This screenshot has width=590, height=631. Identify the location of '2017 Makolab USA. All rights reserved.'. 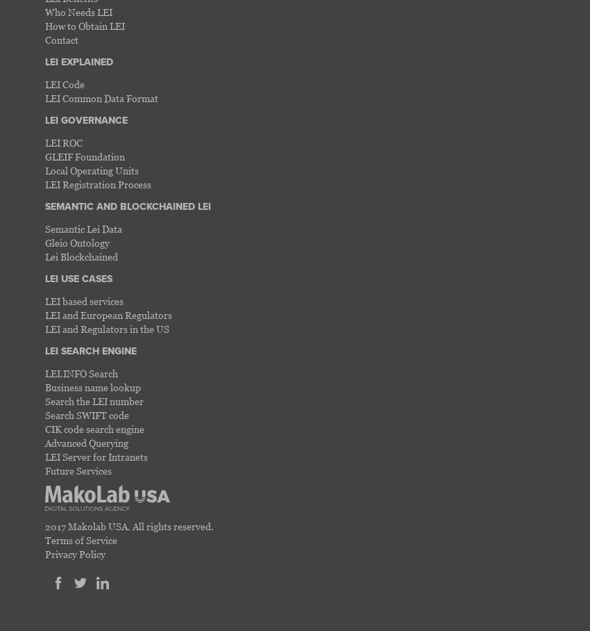
(45, 525).